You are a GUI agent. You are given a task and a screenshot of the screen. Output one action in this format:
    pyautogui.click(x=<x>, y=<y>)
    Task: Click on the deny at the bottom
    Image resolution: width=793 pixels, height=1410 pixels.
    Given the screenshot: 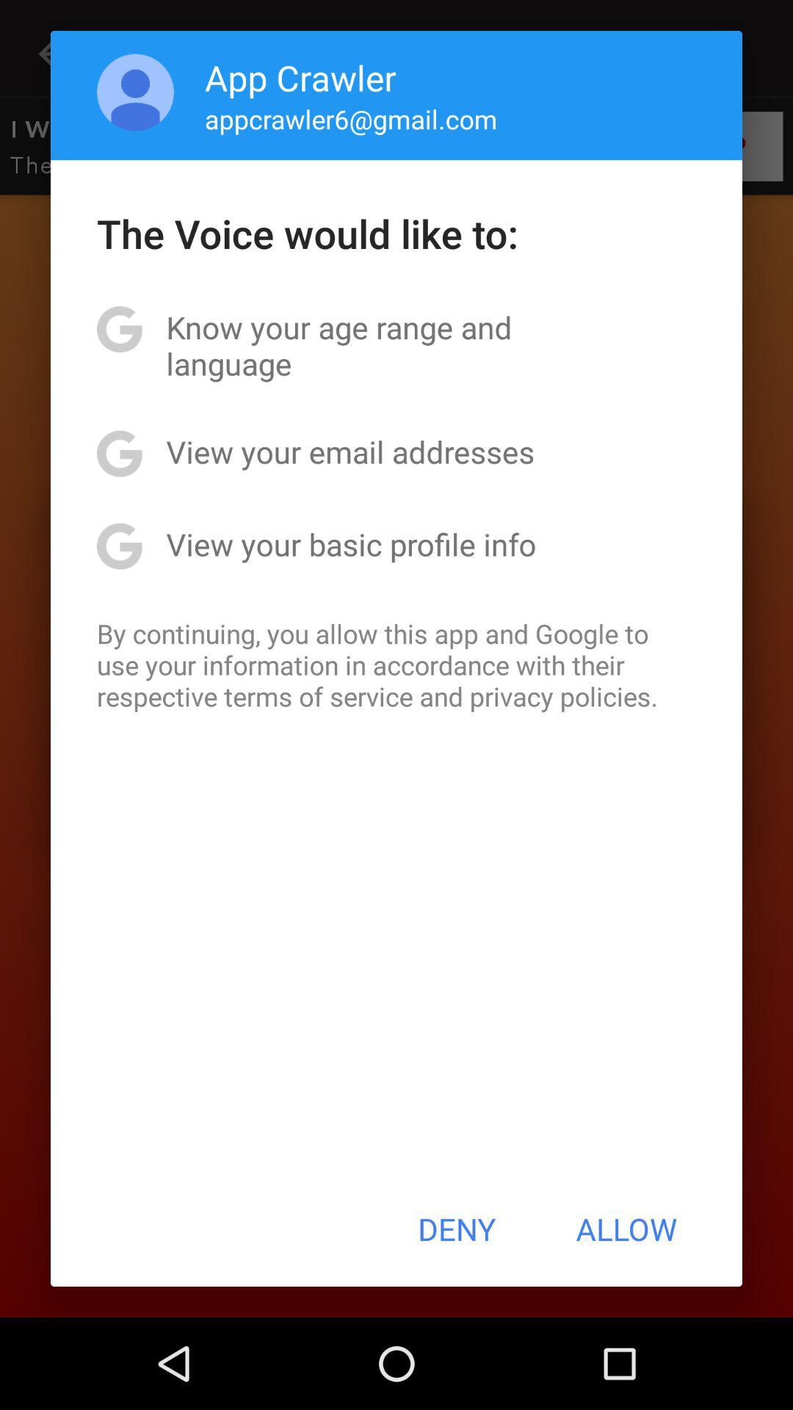 What is the action you would take?
    pyautogui.click(x=456, y=1229)
    